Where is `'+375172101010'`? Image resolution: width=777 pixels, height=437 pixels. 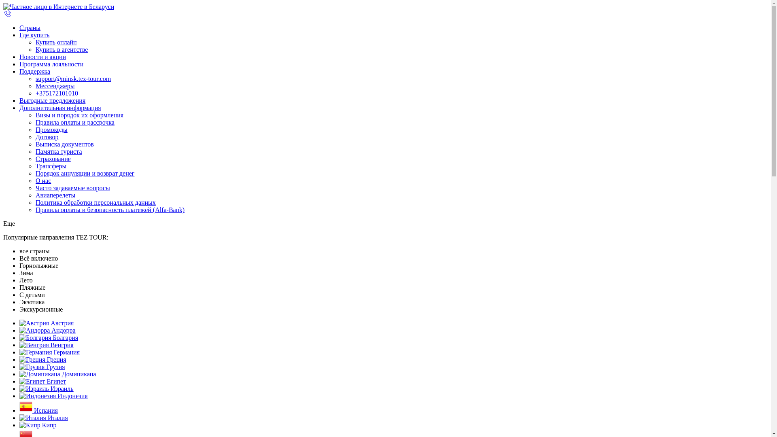
'+375172101010' is located at coordinates (56, 93).